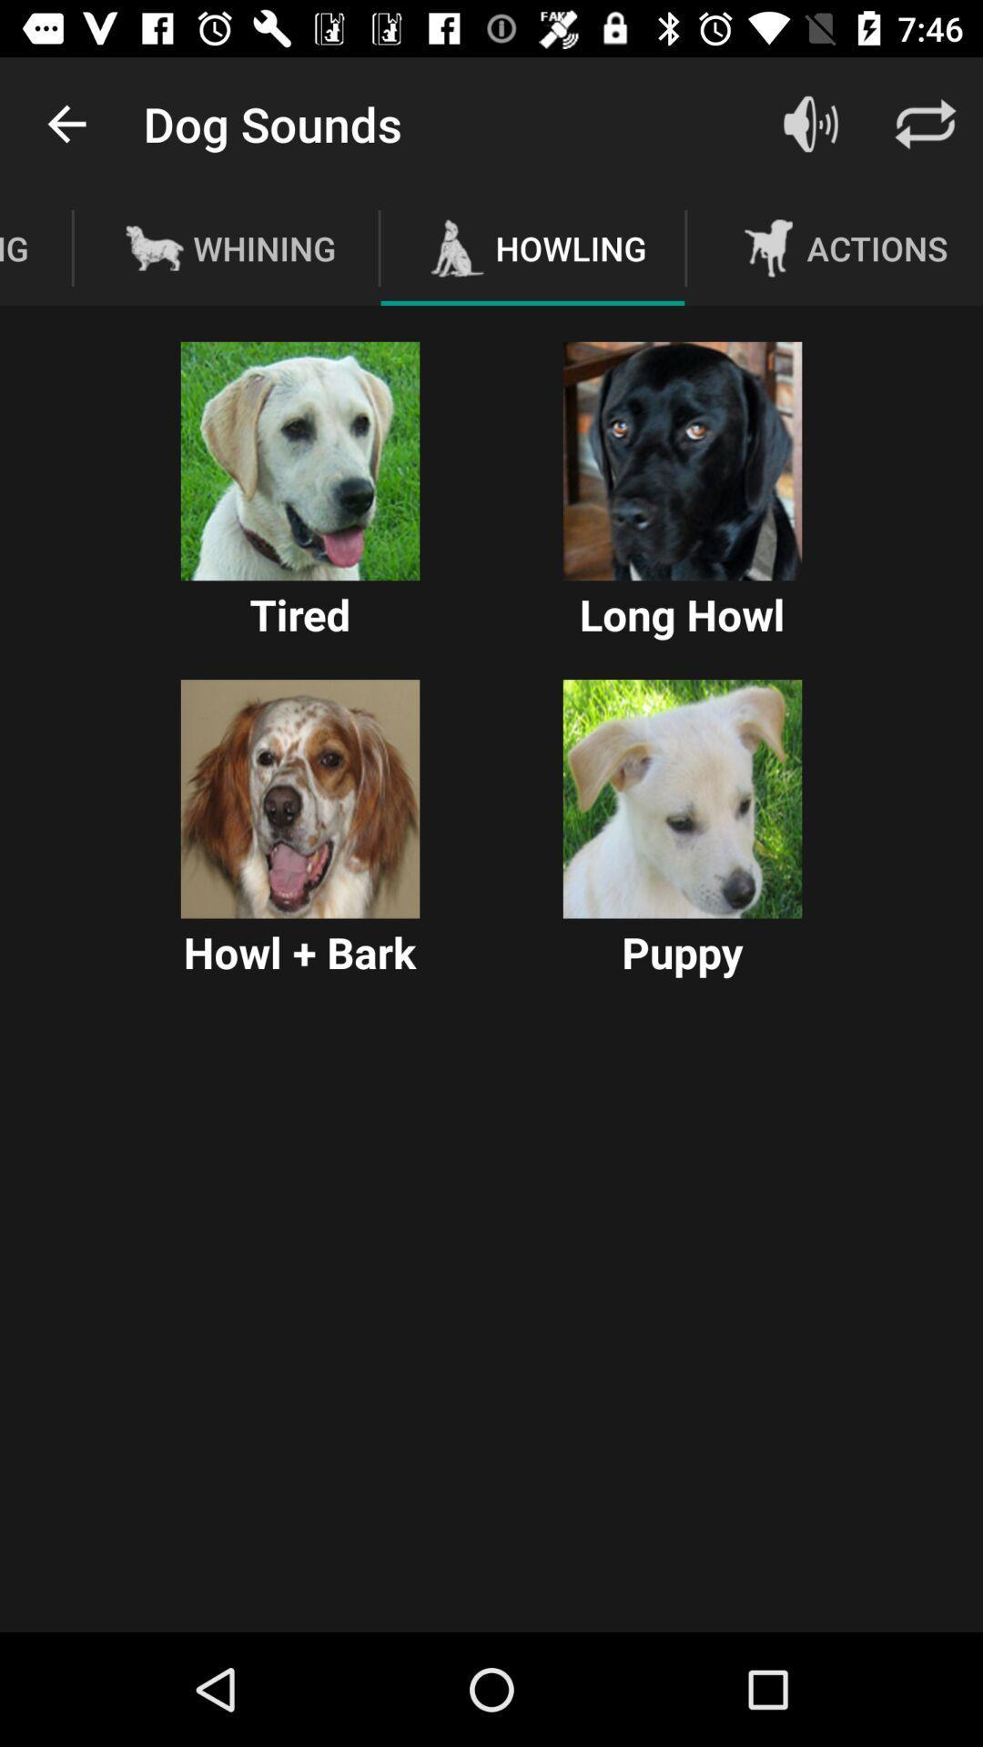  Describe the element at coordinates (299, 461) in the screenshot. I see `tired` at that location.